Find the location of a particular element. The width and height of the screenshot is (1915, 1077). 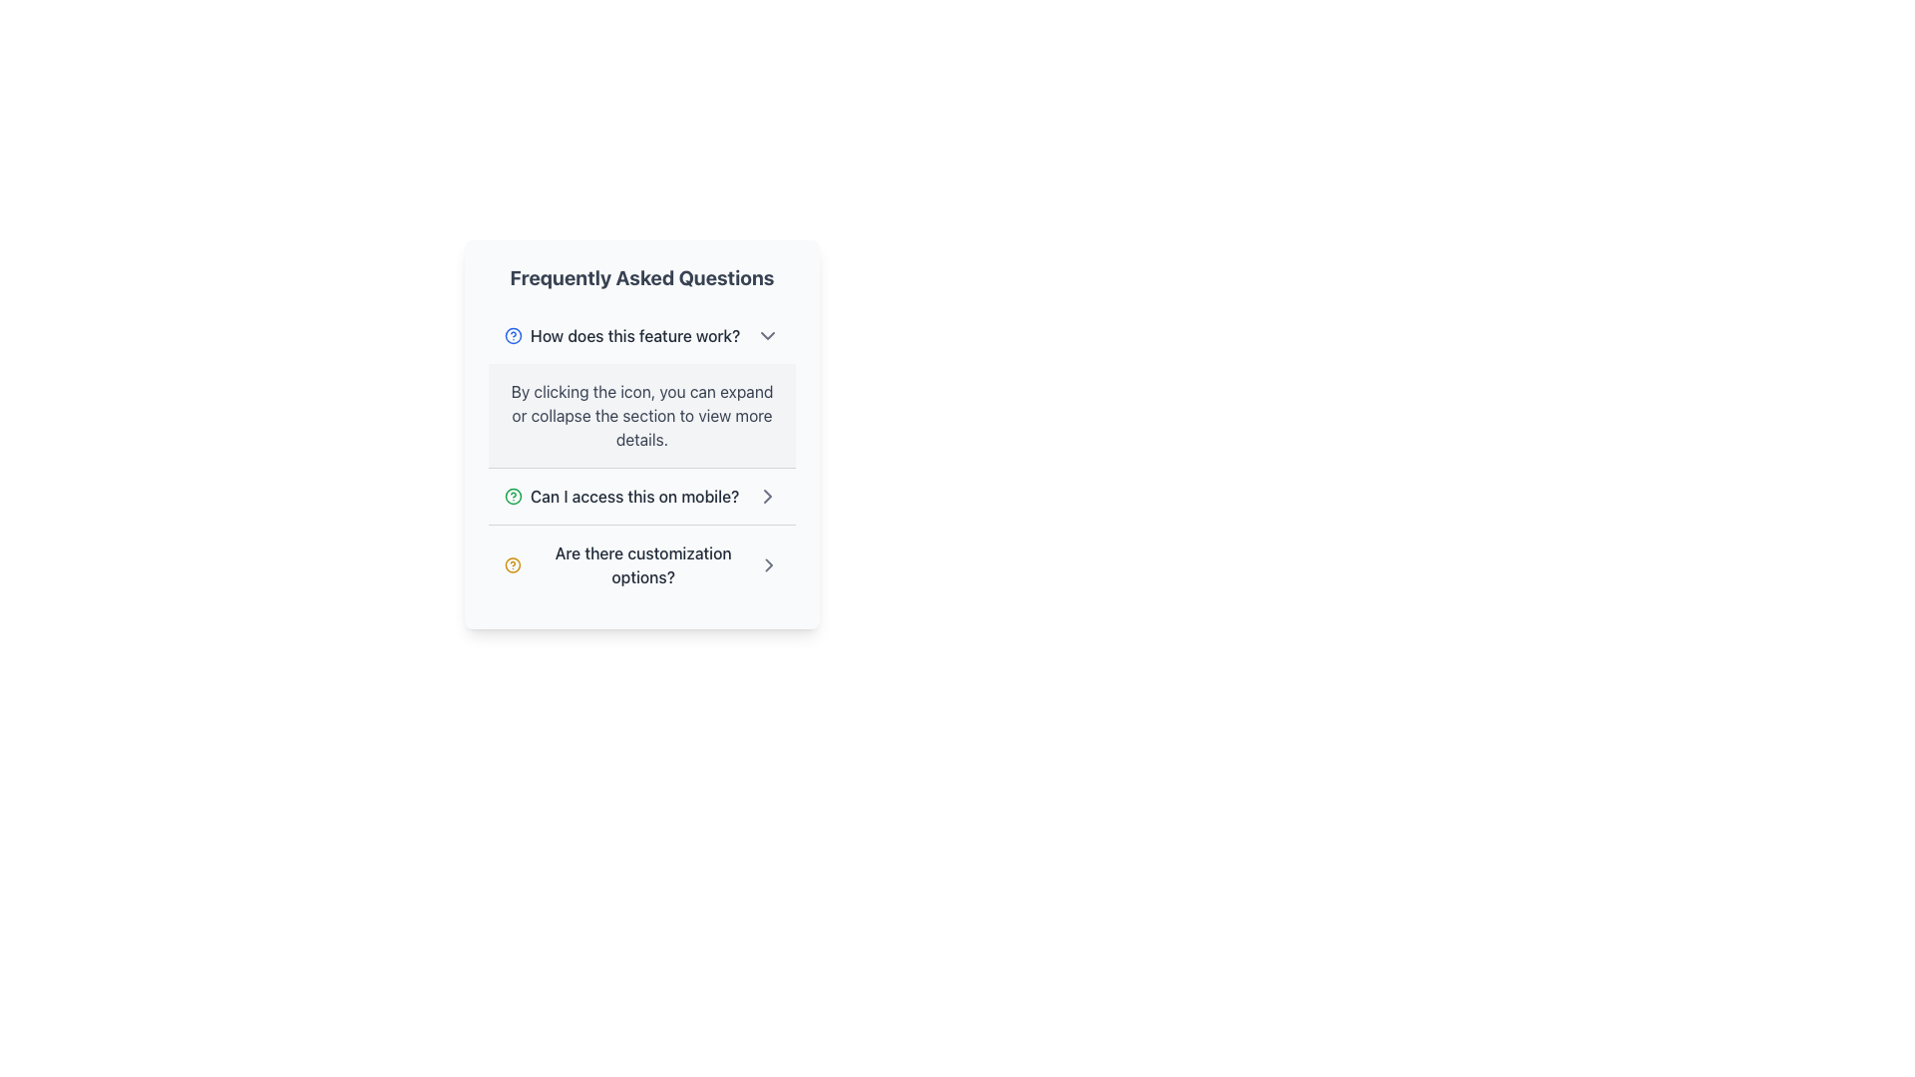

the text label reading 'Are there customization options?' located in the FAQ section, which is styled with a medium weight font and dark gray color is located at coordinates (643, 565).